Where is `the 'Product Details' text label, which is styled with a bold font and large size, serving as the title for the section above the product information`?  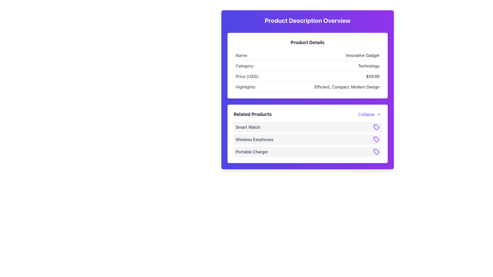 the 'Product Details' text label, which is styled with a bold font and large size, serving as the title for the section above the product information is located at coordinates (308, 42).